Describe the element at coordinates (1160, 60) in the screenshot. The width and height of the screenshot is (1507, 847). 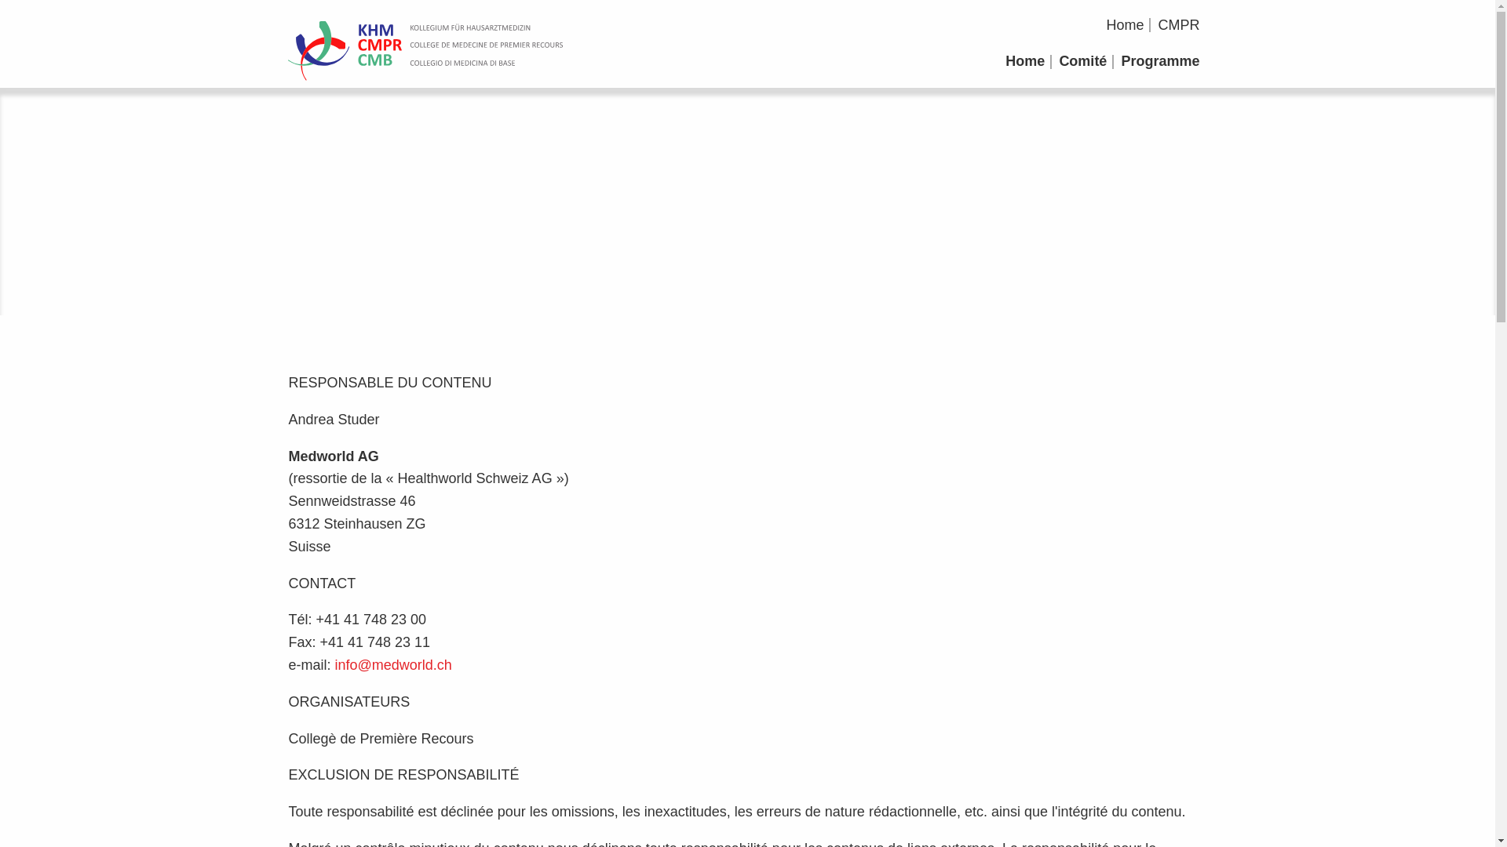
I see `'Programme'` at that location.